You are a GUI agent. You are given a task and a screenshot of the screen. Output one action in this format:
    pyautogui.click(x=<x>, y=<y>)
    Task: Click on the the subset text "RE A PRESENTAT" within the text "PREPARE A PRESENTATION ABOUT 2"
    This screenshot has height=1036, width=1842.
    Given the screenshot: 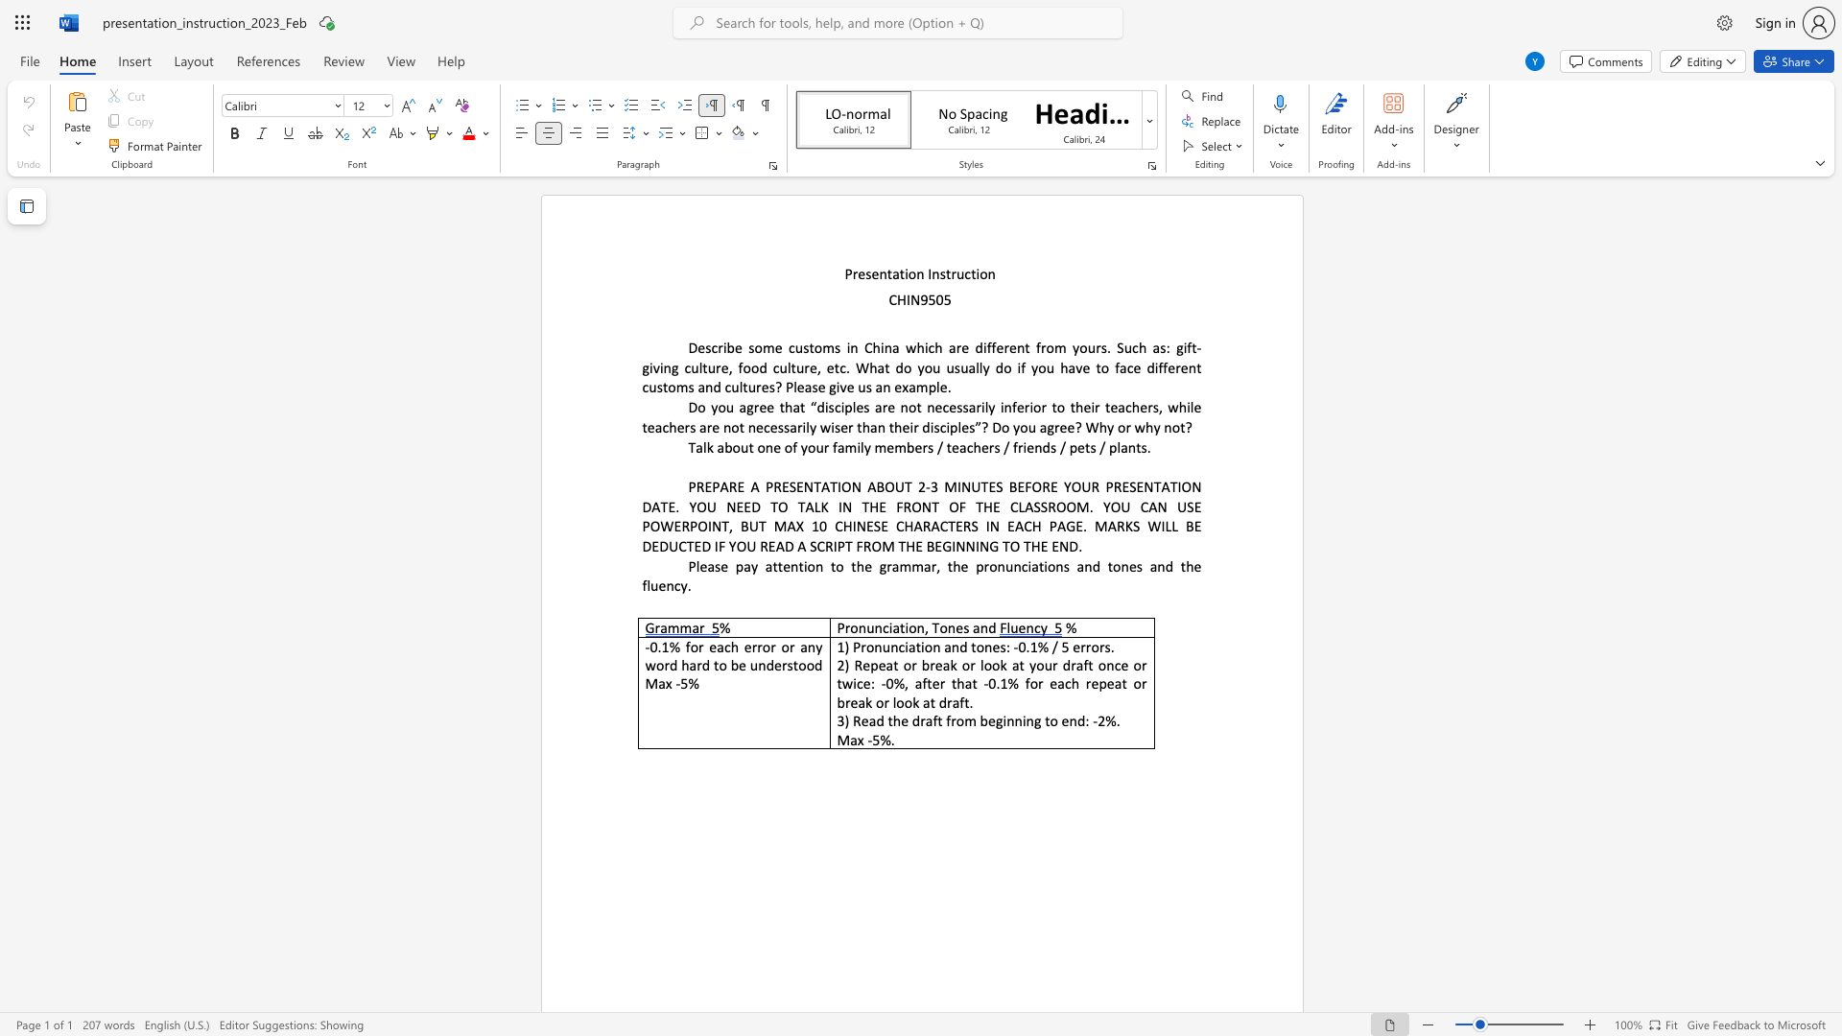 What is the action you would take?
    pyautogui.click(x=727, y=485)
    